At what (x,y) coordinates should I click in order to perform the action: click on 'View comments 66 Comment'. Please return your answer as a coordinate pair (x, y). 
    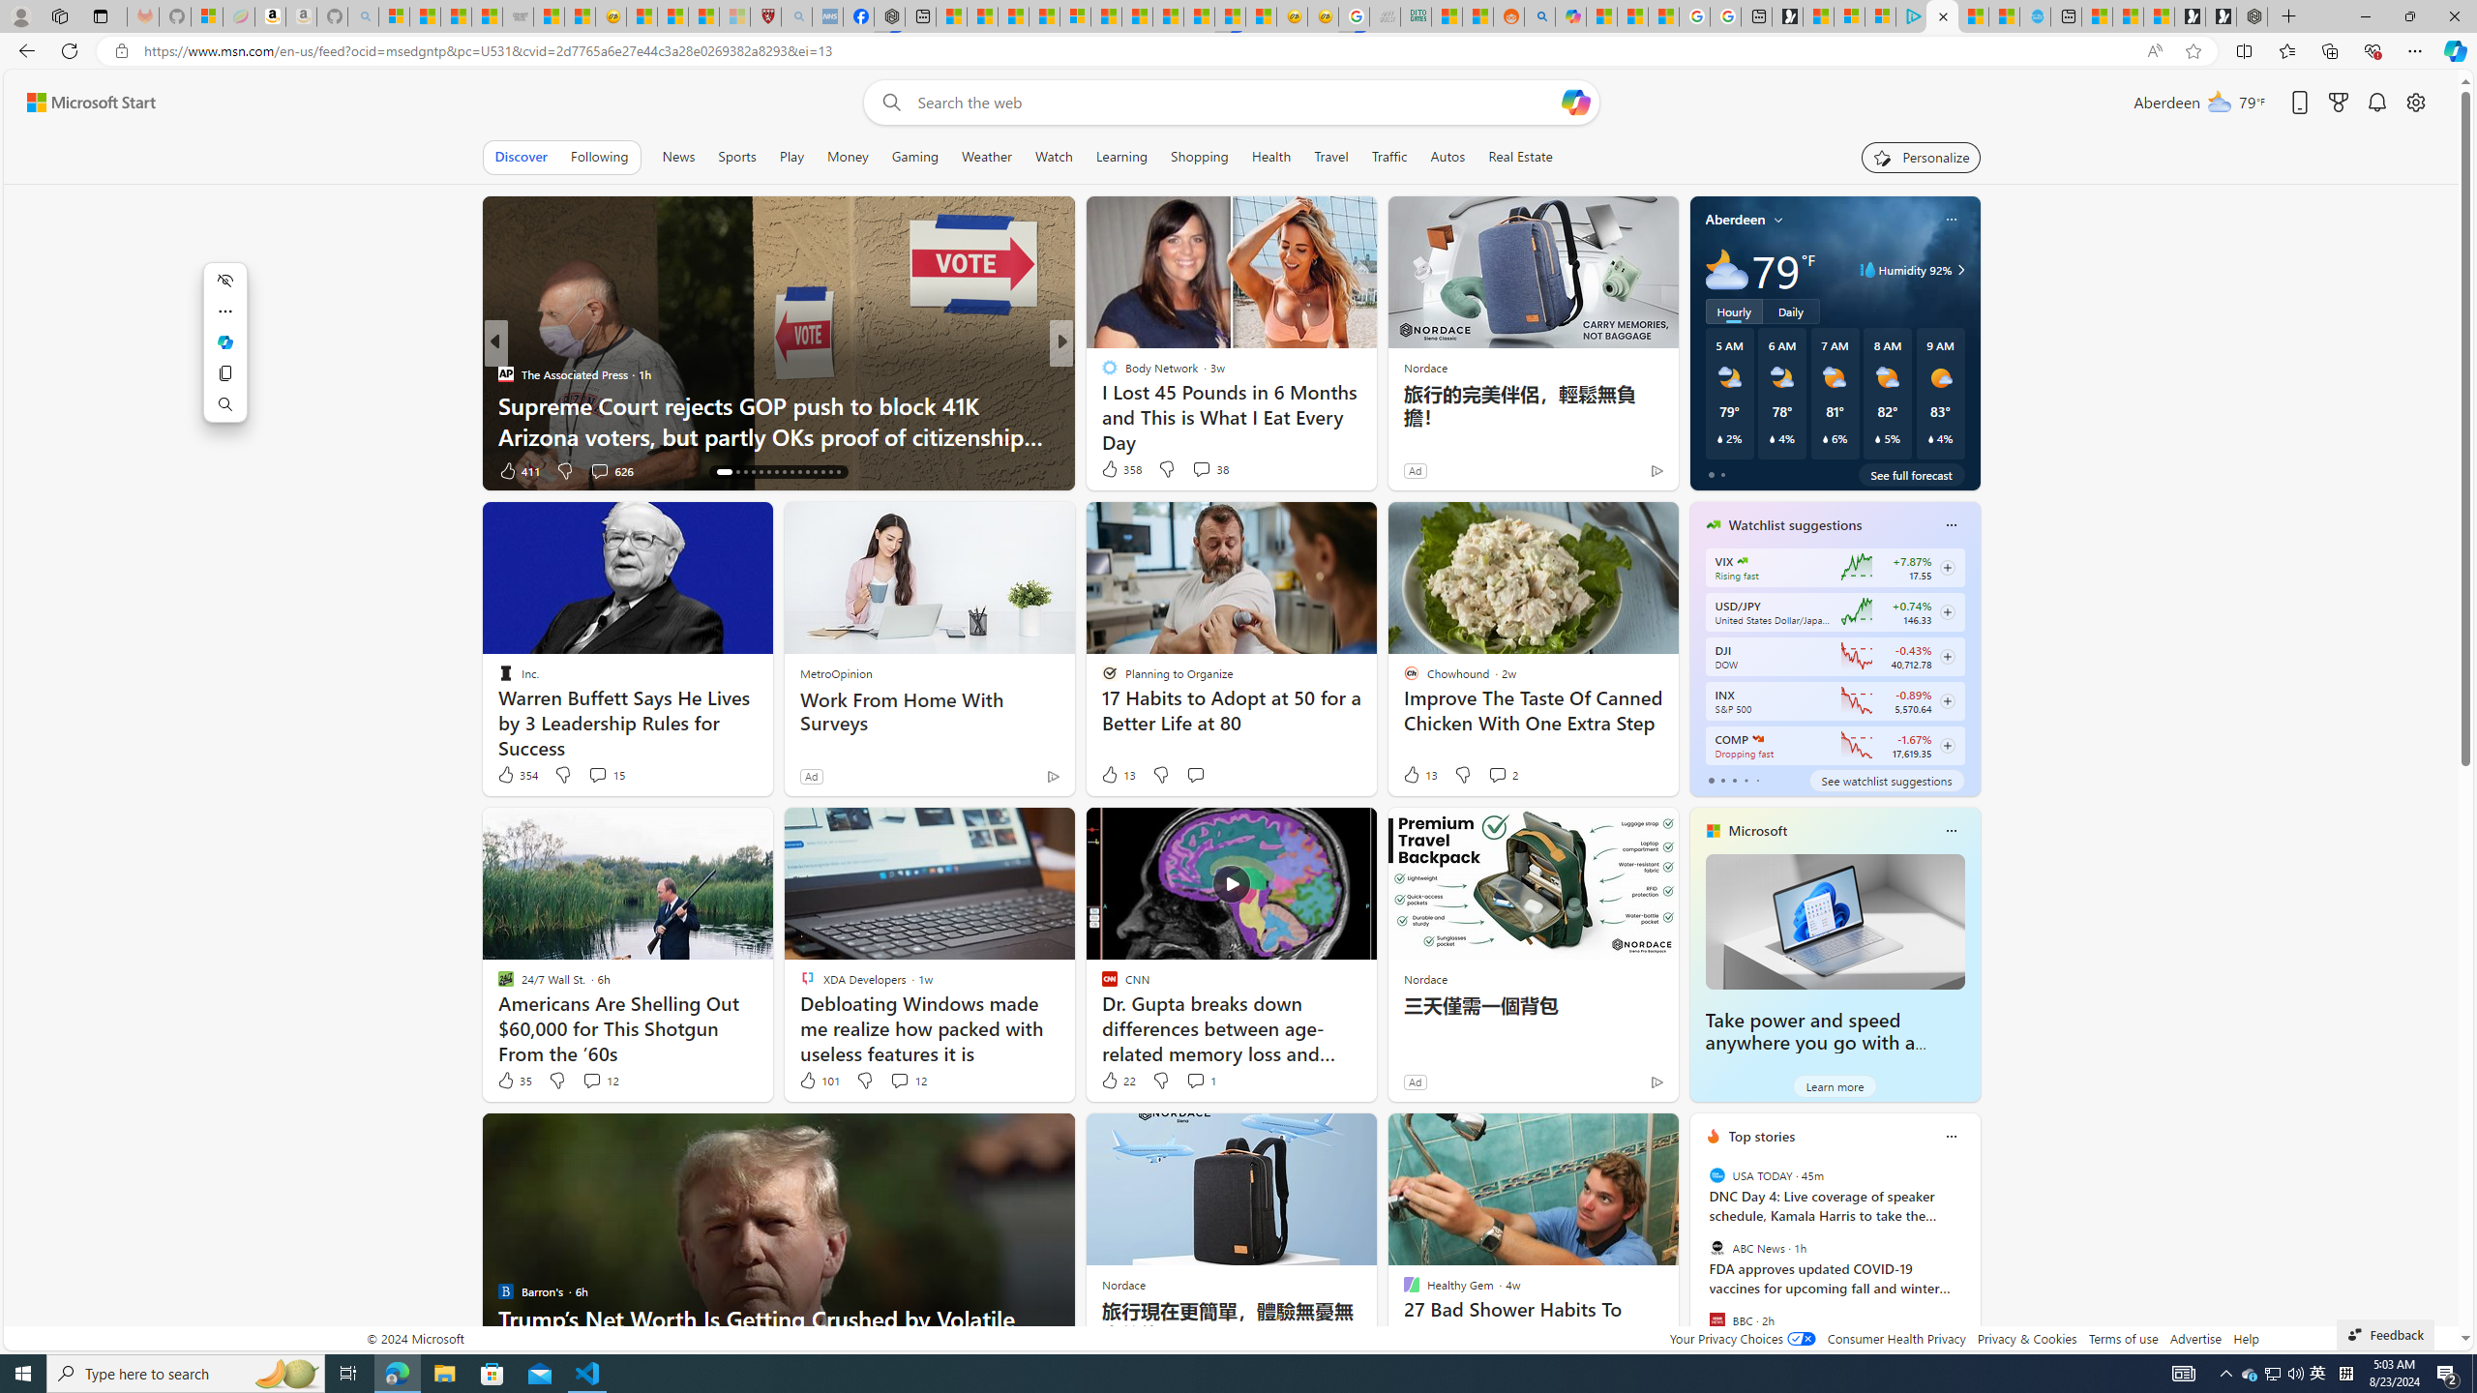
    Looking at the image, I should click on (1203, 470).